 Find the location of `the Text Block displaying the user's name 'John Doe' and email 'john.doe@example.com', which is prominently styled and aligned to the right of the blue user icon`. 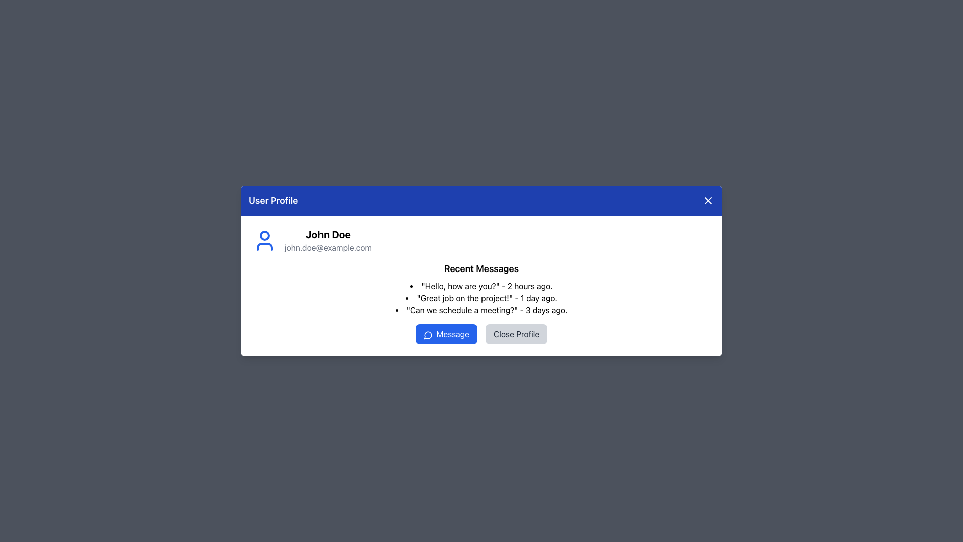

the Text Block displaying the user's name 'John Doe' and email 'john.doe@example.com', which is prominently styled and aligned to the right of the blue user icon is located at coordinates (328, 240).